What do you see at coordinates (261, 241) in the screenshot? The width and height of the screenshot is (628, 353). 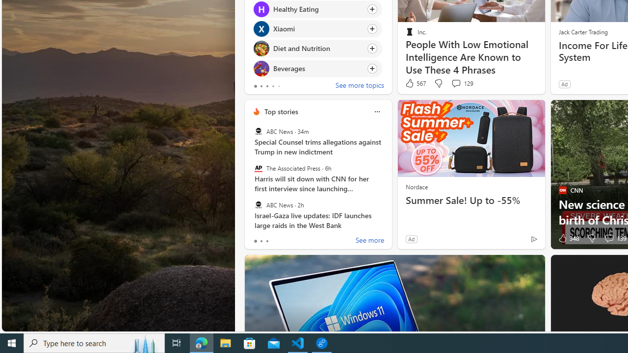 I see `'tab-1'` at bounding box center [261, 241].